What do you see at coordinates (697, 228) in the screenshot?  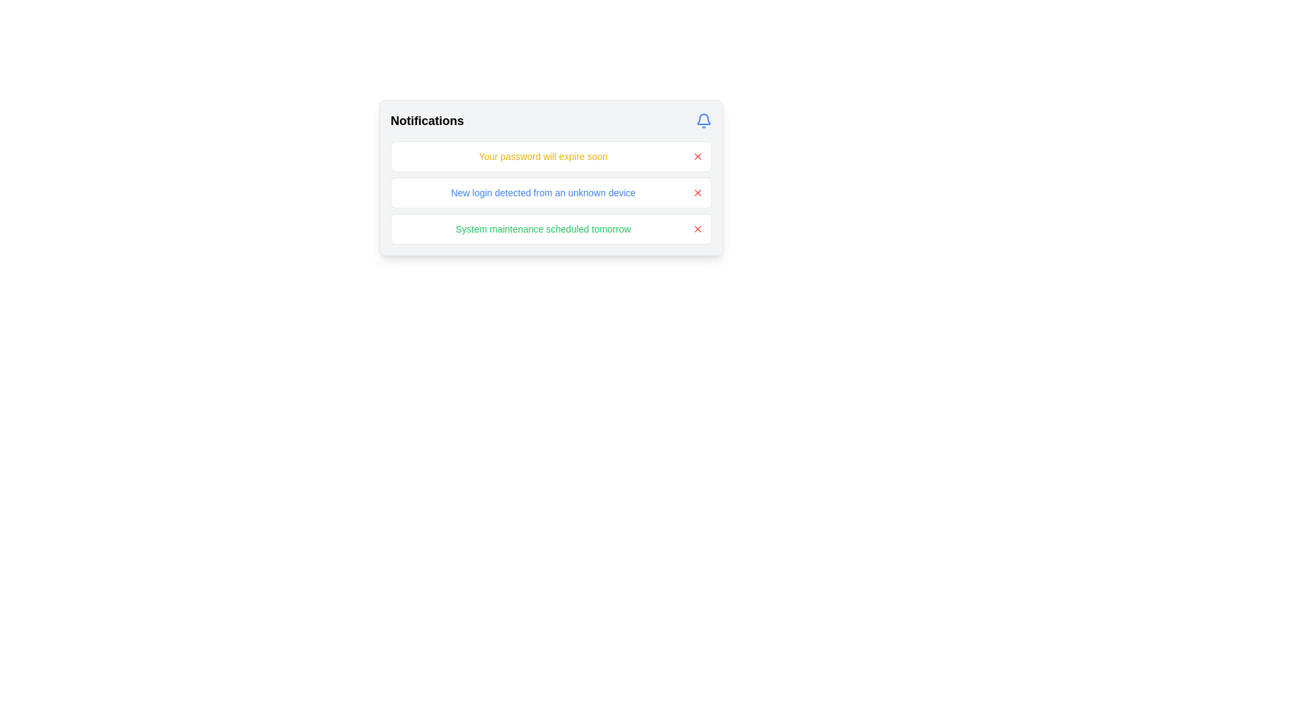 I see `the dismiss button located within the notification box that displays 'System maintenance scheduled tomorrow' to change its icon color` at bounding box center [697, 228].